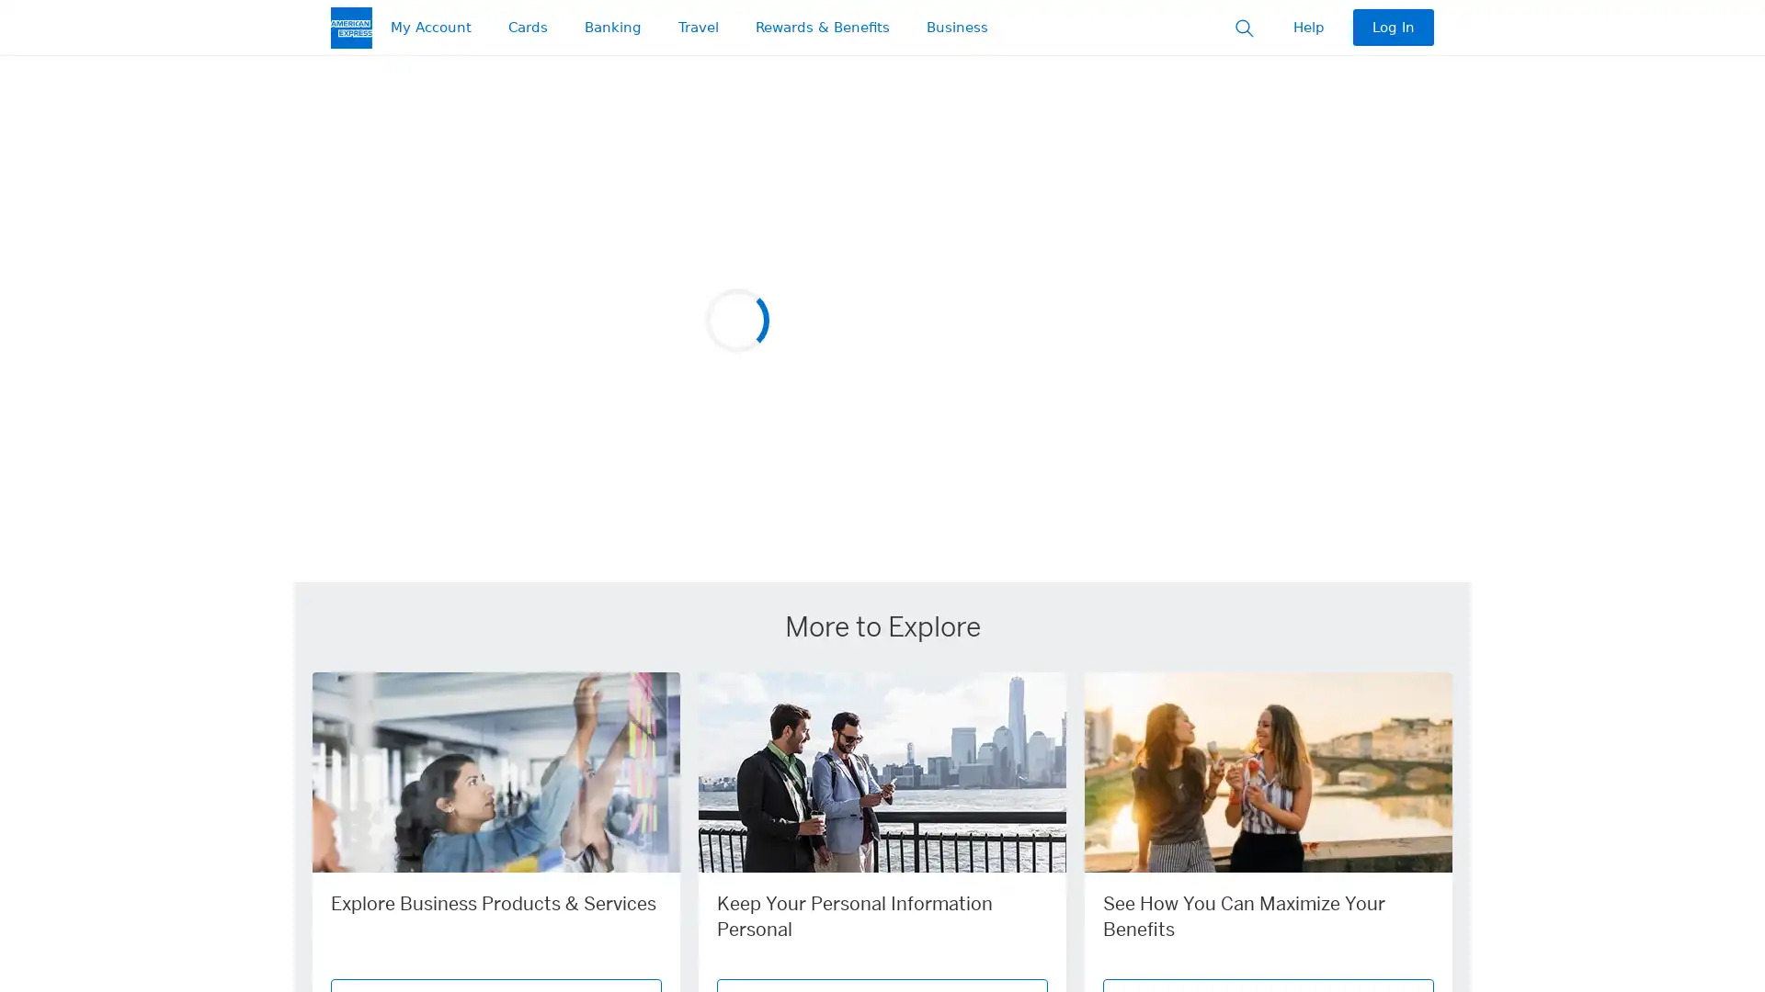 This screenshot has height=992, width=1765. I want to click on slide 2, so click(837, 795).